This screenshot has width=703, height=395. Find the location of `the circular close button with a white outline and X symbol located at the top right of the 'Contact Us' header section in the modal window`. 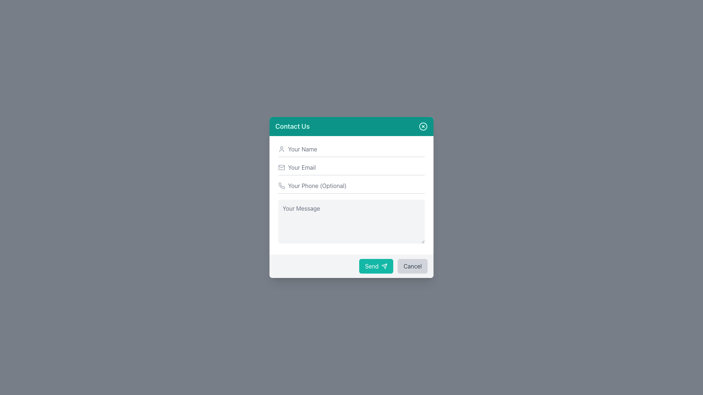

the circular close button with a white outline and X symbol located at the top right of the 'Contact Us' header section in the modal window is located at coordinates (423, 126).